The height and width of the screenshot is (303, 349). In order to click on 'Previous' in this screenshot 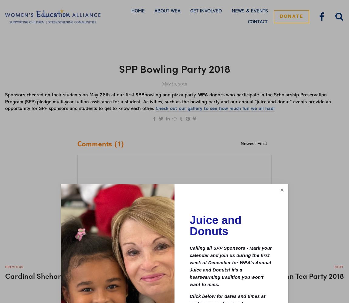, I will do `click(14, 267)`.